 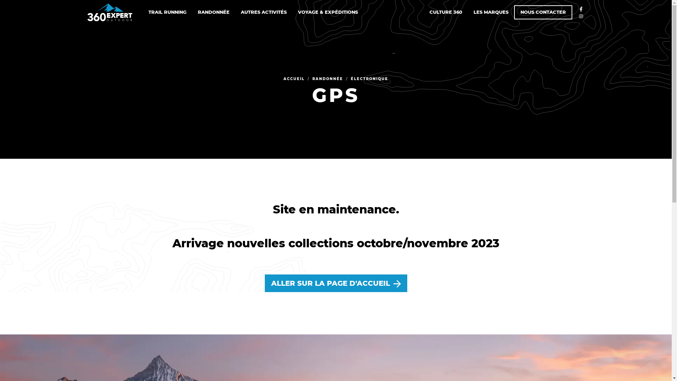 What do you see at coordinates (445, 12) in the screenshot?
I see `'CULTURE 360'` at bounding box center [445, 12].